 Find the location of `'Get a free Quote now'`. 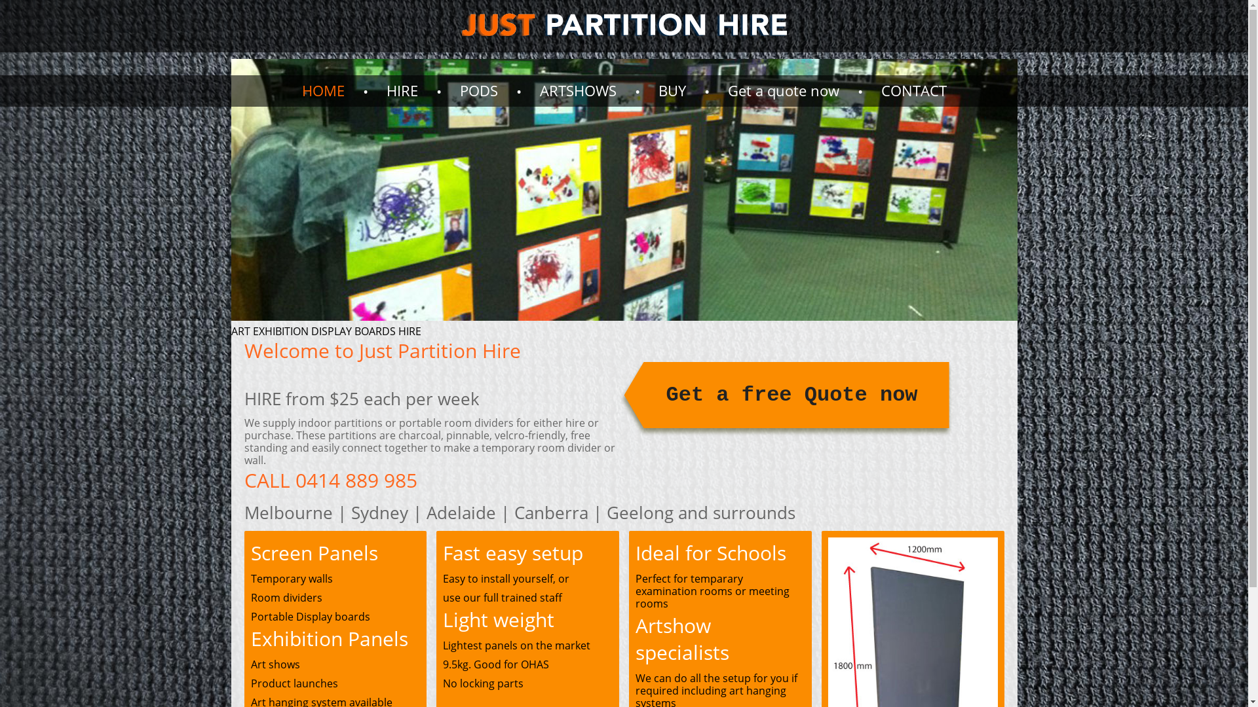

'Get a free Quote now' is located at coordinates (786, 395).